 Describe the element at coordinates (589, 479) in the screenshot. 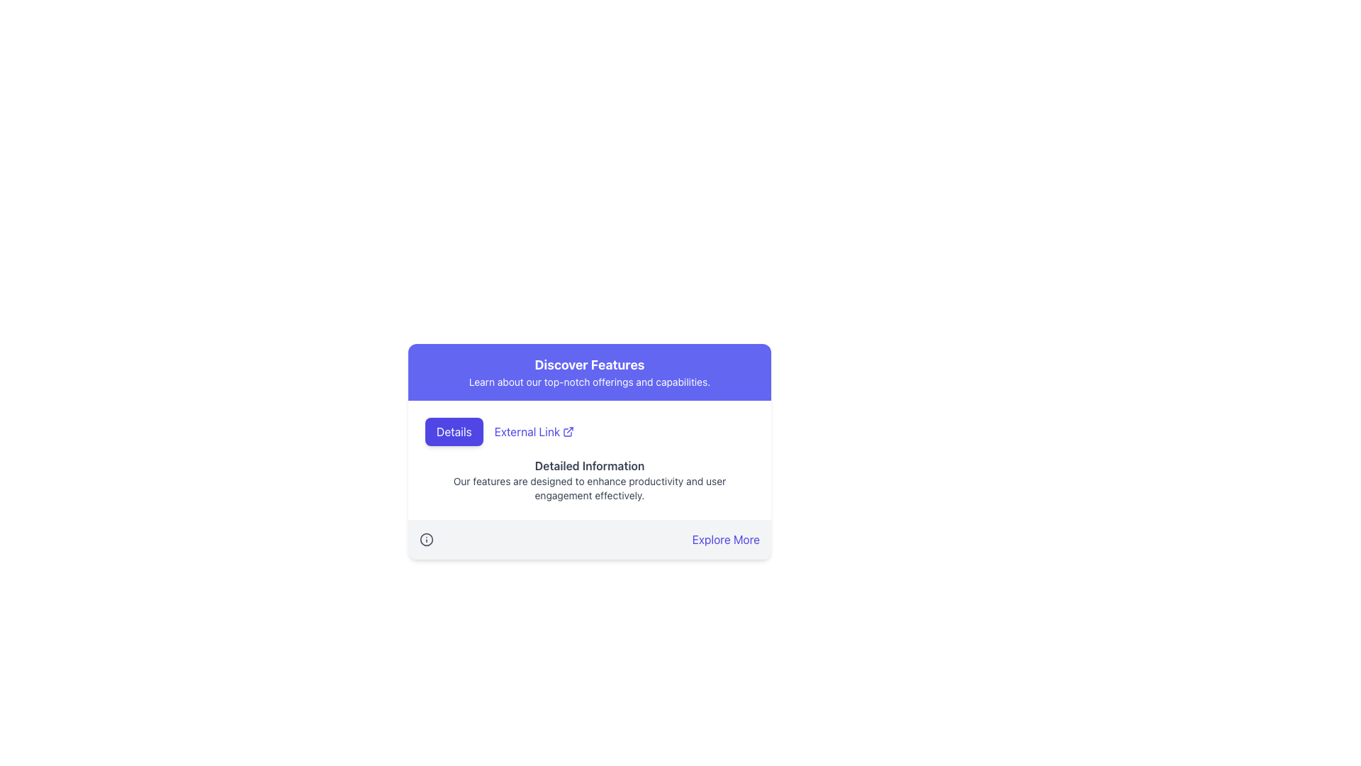

I see `the text block titled 'Detailed Information' that describes features designed to enhance productivity and user engagement` at that location.